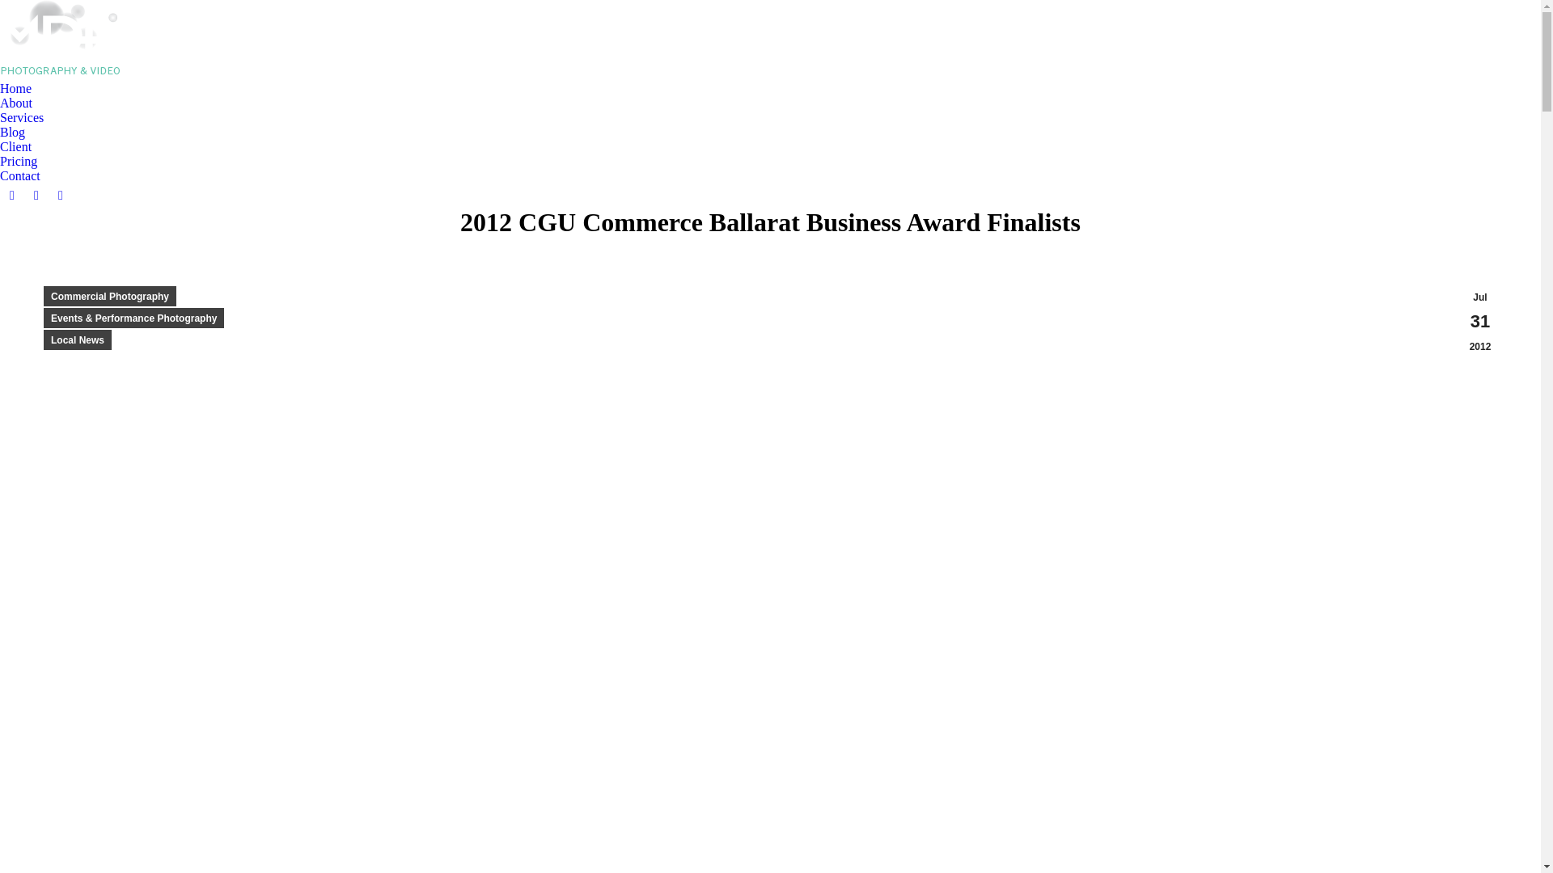 The width and height of the screenshot is (1553, 873). What do you see at coordinates (0, 103) in the screenshot?
I see `'About'` at bounding box center [0, 103].